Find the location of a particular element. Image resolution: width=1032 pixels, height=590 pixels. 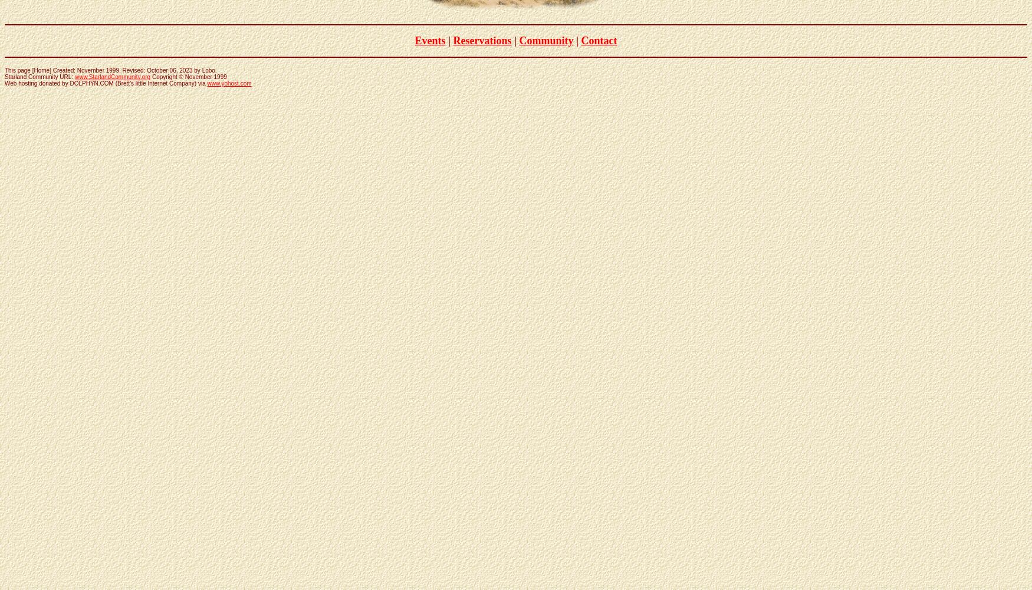

'www.StarlandCommunity.org' is located at coordinates (112, 76).